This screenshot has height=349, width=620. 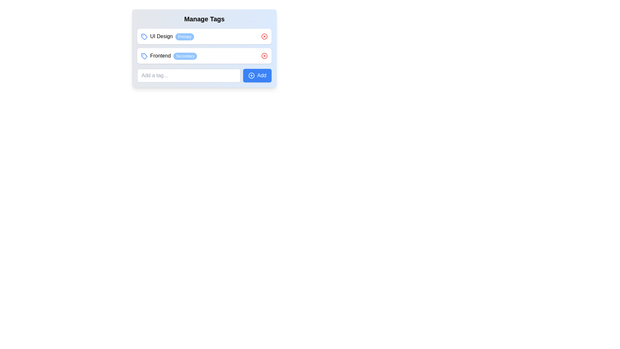 What do you see at coordinates (144, 56) in the screenshot?
I see `the blue tag-shaped icon with a small dot inside, located to the left of the 'Frontend' text and above the 'Secondary' label in the 'FrontendSecondary' group for interaction` at bounding box center [144, 56].